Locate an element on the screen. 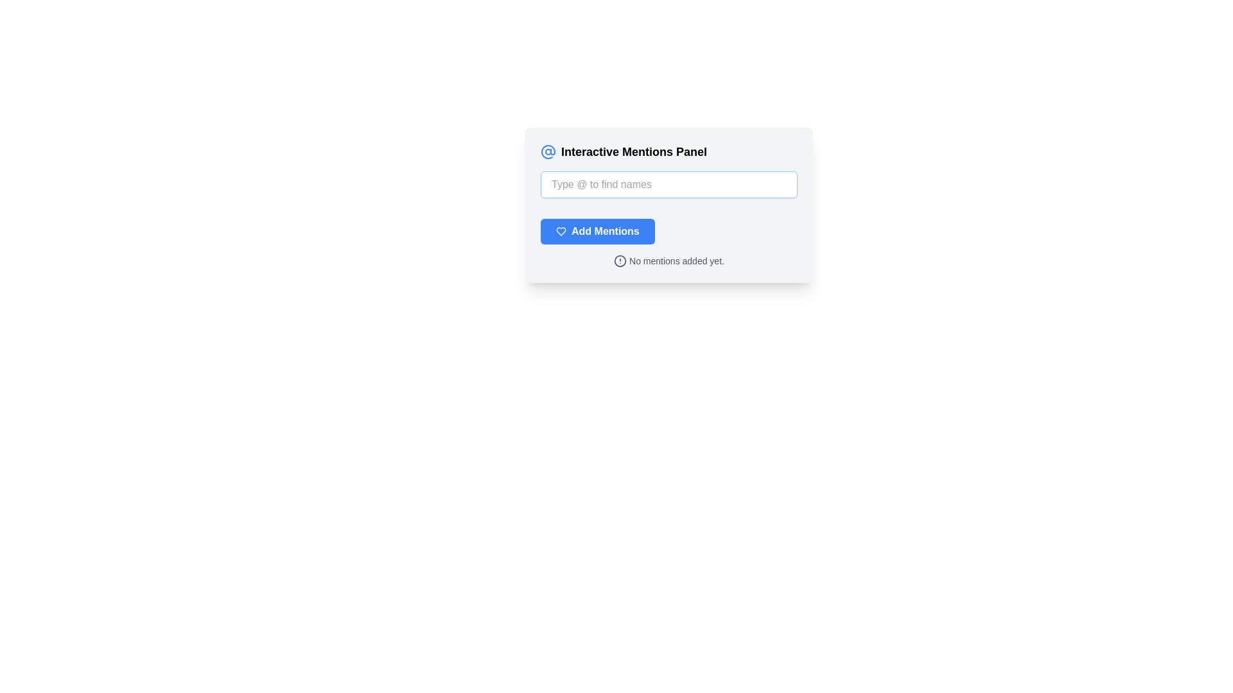 This screenshot has height=693, width=1233. the button labeled 'Add Mentions' which is displayed in white text on a bold blue background, located within a rounded rectangular button, positioned towards the right adjacent to a heart icon is located at coordinates (604, 232).